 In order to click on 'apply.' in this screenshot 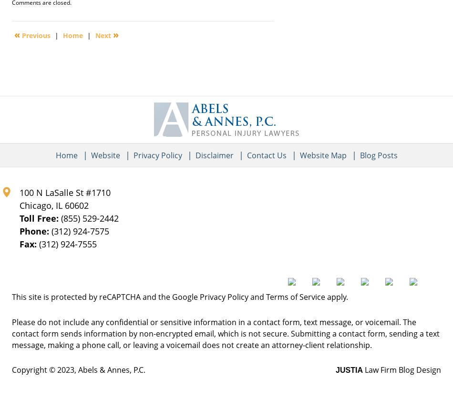, I will do `click(337, 296)`.